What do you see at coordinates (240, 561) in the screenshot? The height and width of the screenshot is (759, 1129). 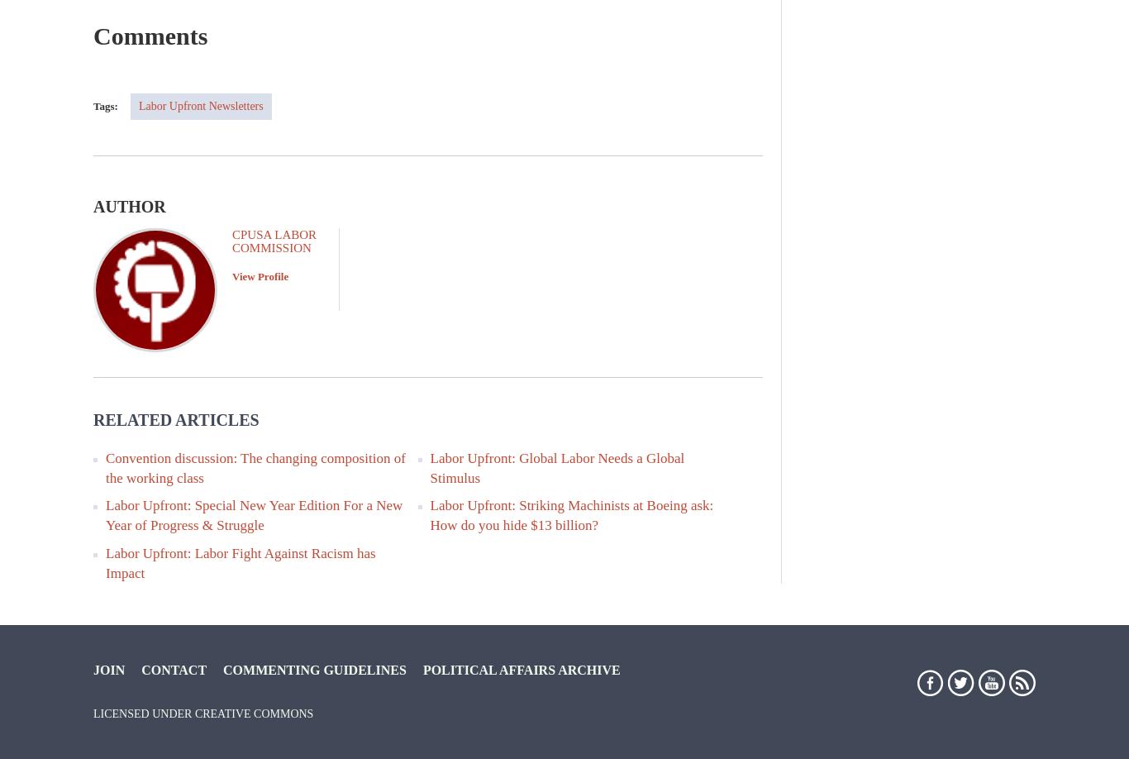 I see `'Labor Upfront: Labor Fight Against Racism has Impact'` at bounding box center [240, 561].